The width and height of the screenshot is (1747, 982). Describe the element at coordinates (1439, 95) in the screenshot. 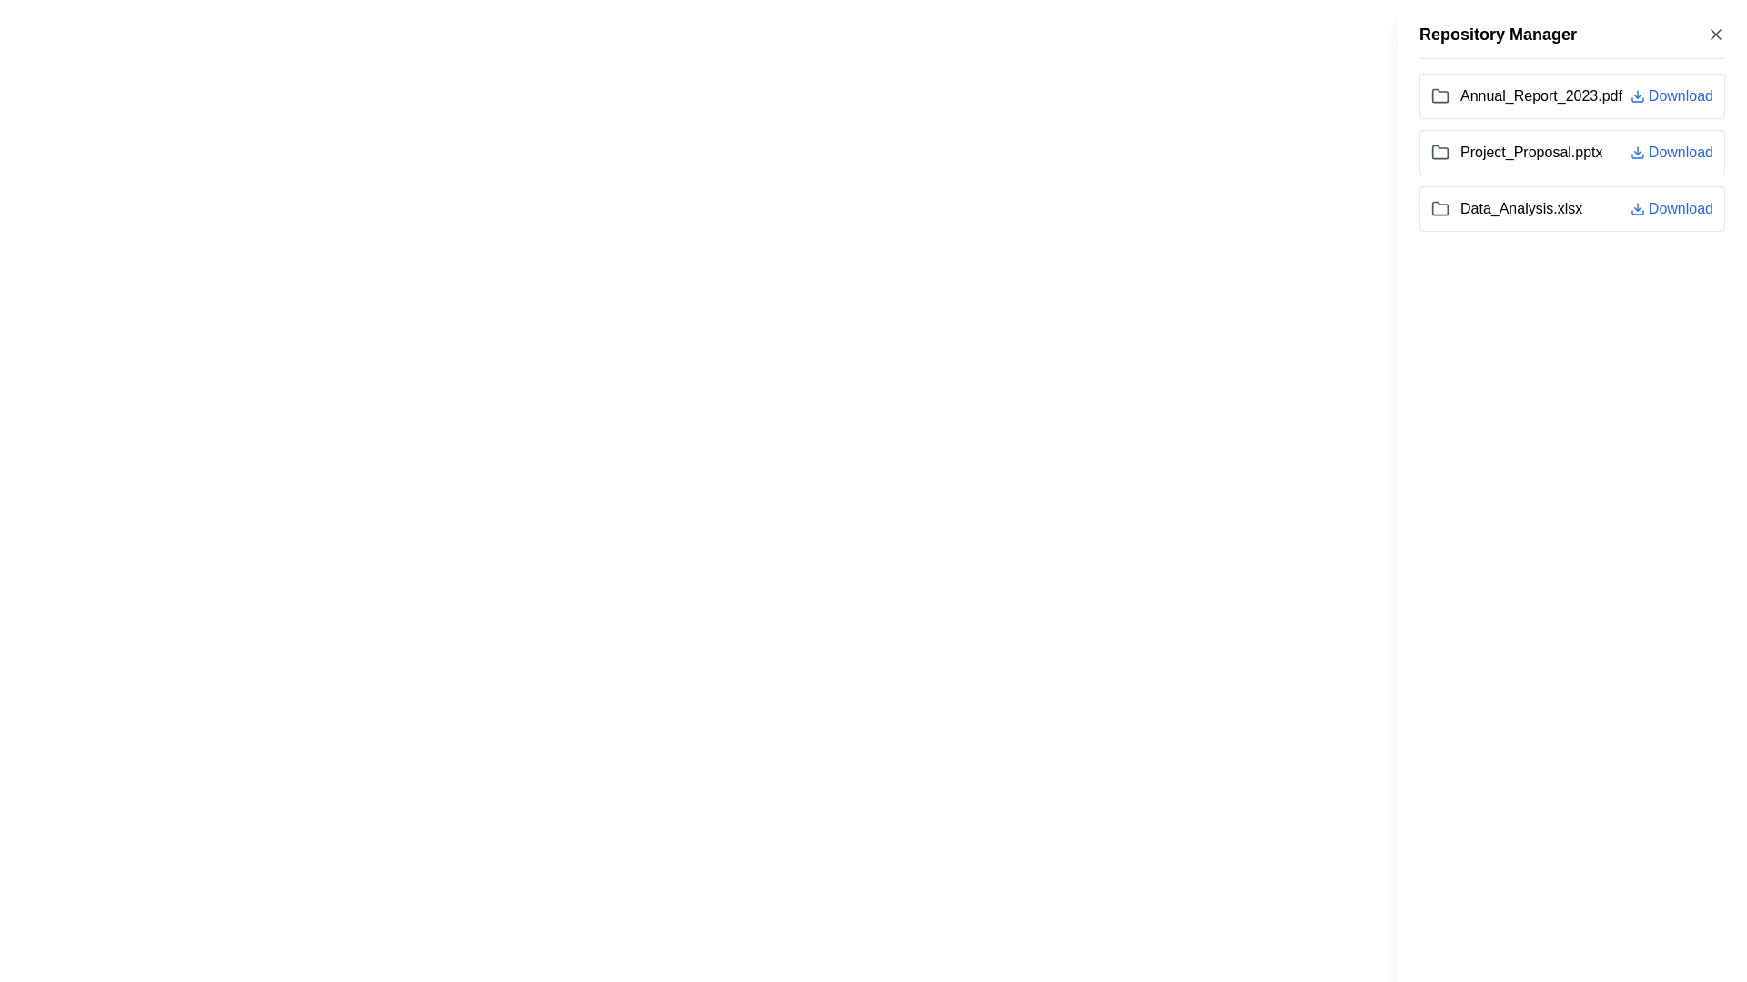

I see `the folder icon associated with the file 'Annual_Report_2023.pdf' in the Repository Manager panel` at that location.